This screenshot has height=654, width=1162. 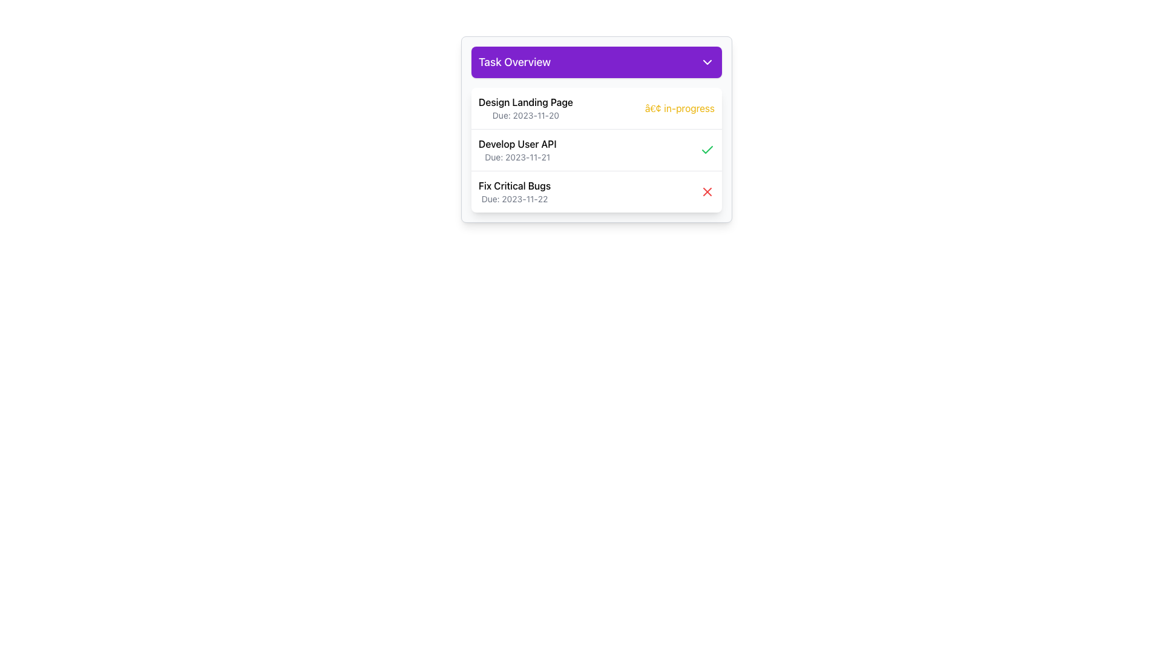 What do you see at coordinates (707, 191) in the screenshot?
I see `the delete button associated with the task titled 'Fix Critical Bugs' and due date 'Due: 2023-11-22'` at bounding box center [707, 191].